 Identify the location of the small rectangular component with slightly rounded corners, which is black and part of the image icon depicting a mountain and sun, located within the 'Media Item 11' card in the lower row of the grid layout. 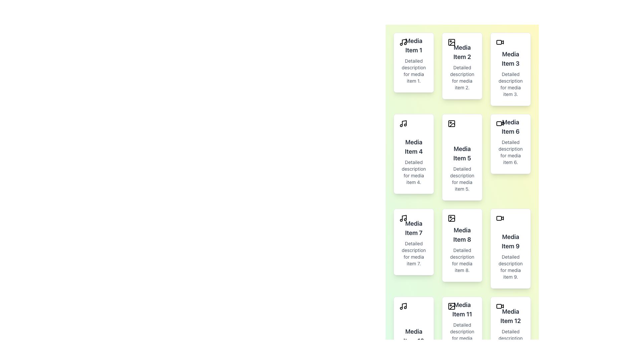
(452, 306).